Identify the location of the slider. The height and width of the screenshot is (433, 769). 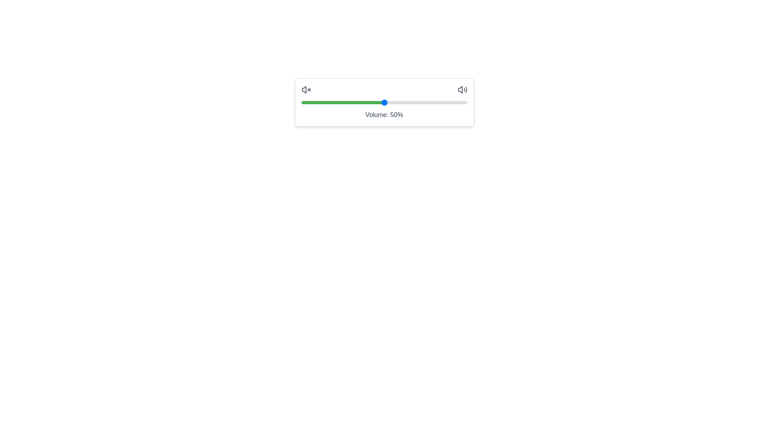
(422, 102).